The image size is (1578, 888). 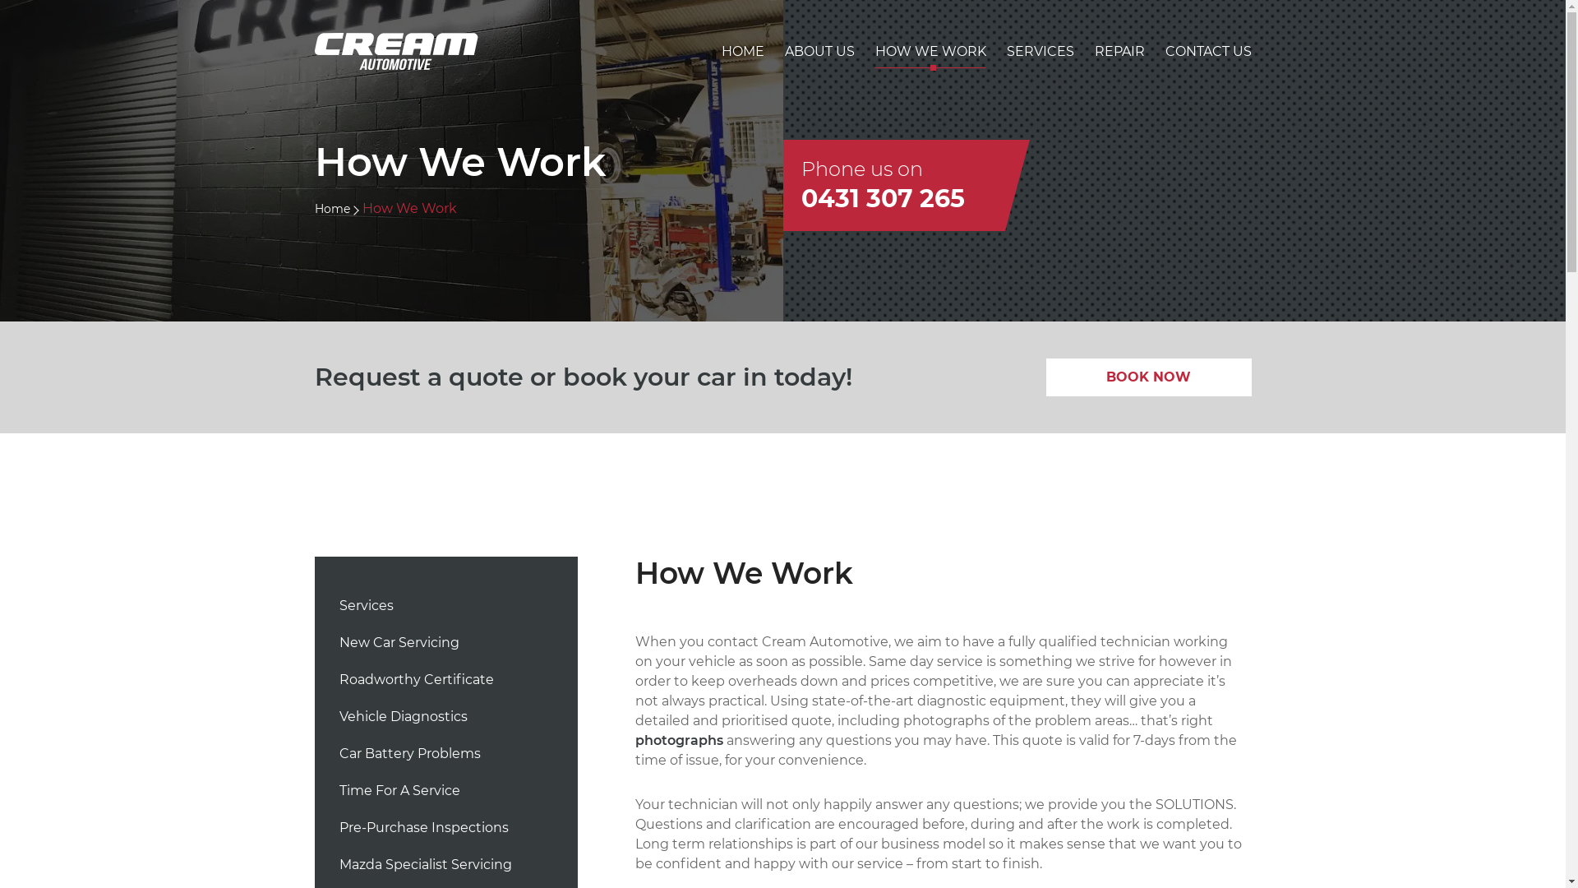 What do you see at coordinates (415, 686) in the screenshot?
I see `'Roadworthy Certificate'` at bounding box center [415, 686].